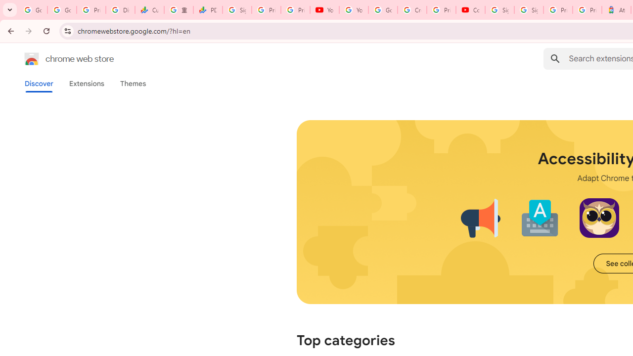 Image resolution: width=633 pixels, height=356 pixels. Describe the element at coordinates (324, 10) in the screenshot. I see `'YouTube'` at that location.